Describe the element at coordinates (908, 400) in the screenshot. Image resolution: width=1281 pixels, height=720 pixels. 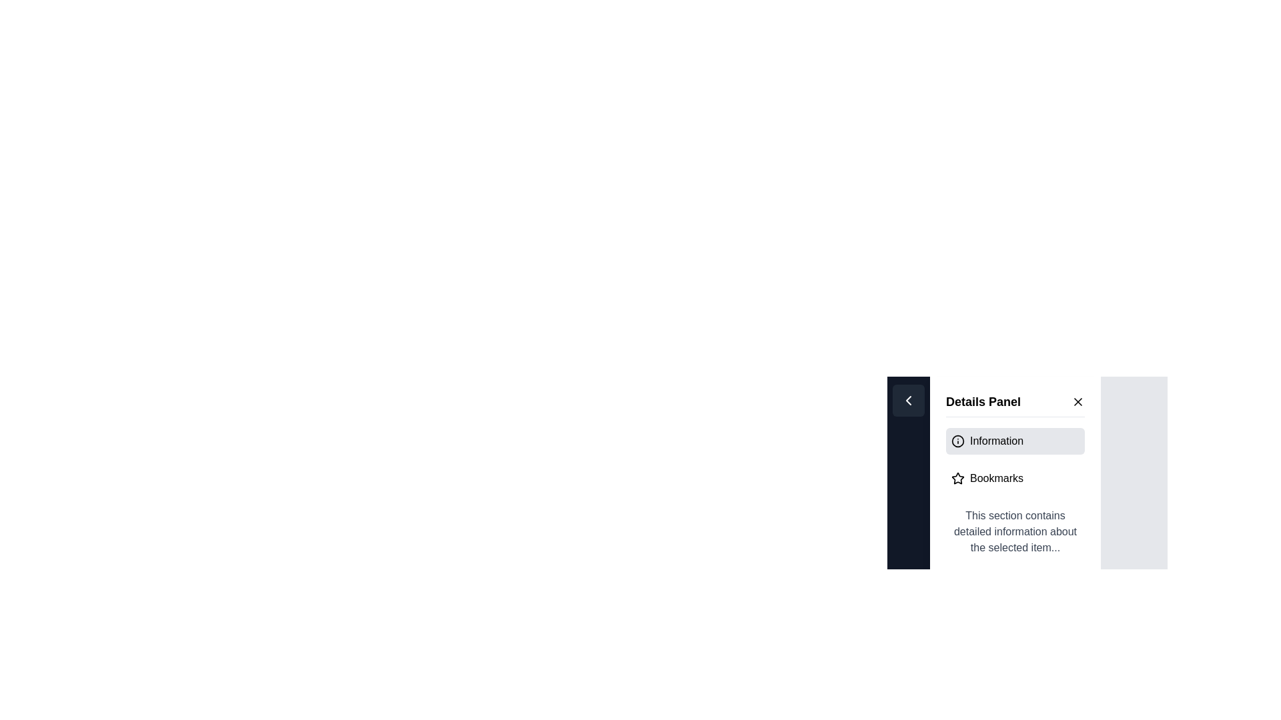
I see `the Icon Button located at the top-left corner of the right-side panel, which is nested inside a round dark blue button` at that location.